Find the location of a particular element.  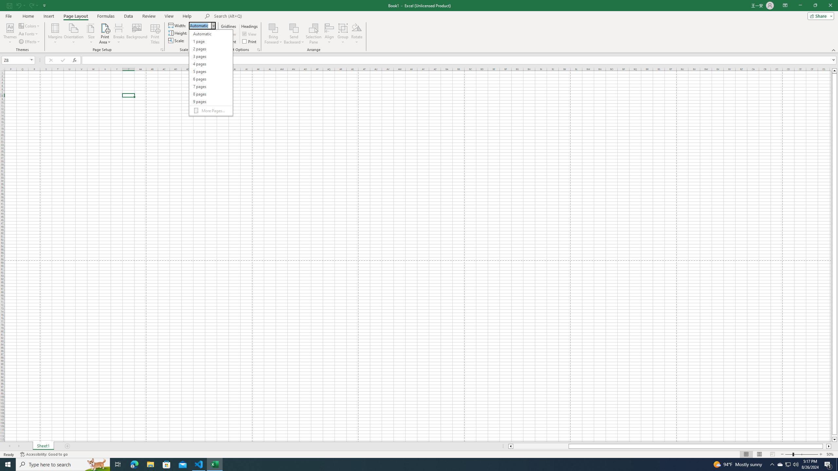

'Orientation' is located at coordinates (73, 34).